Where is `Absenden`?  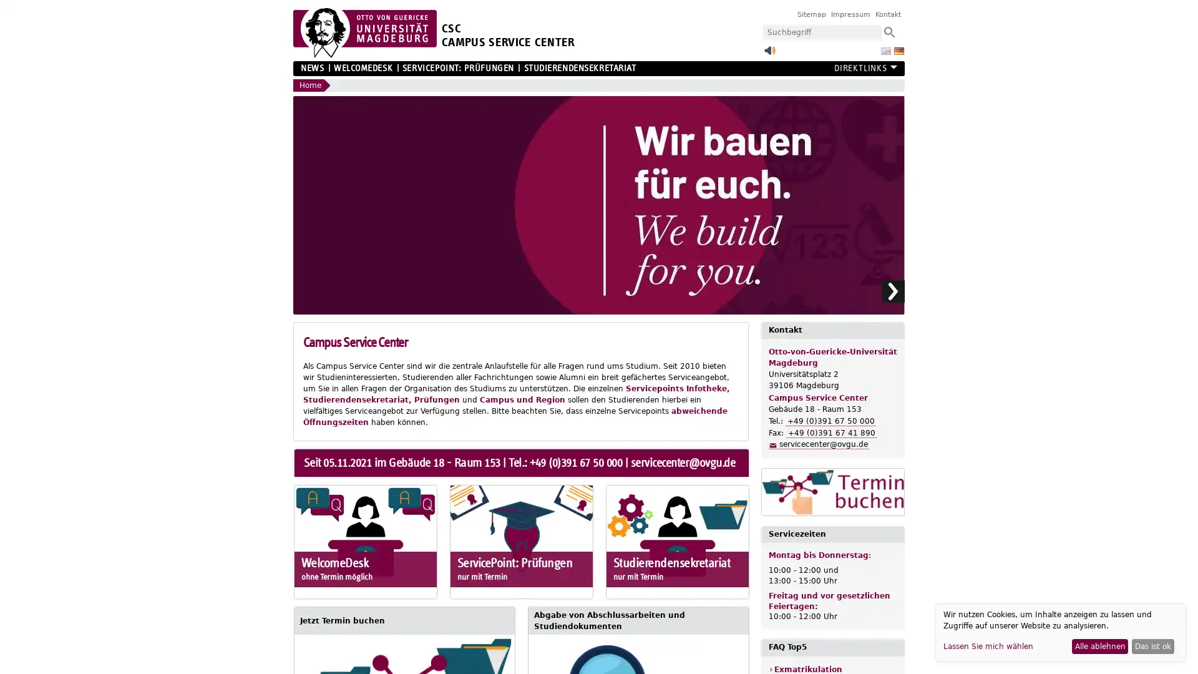 Absenden is located at coordinates (889, 31).